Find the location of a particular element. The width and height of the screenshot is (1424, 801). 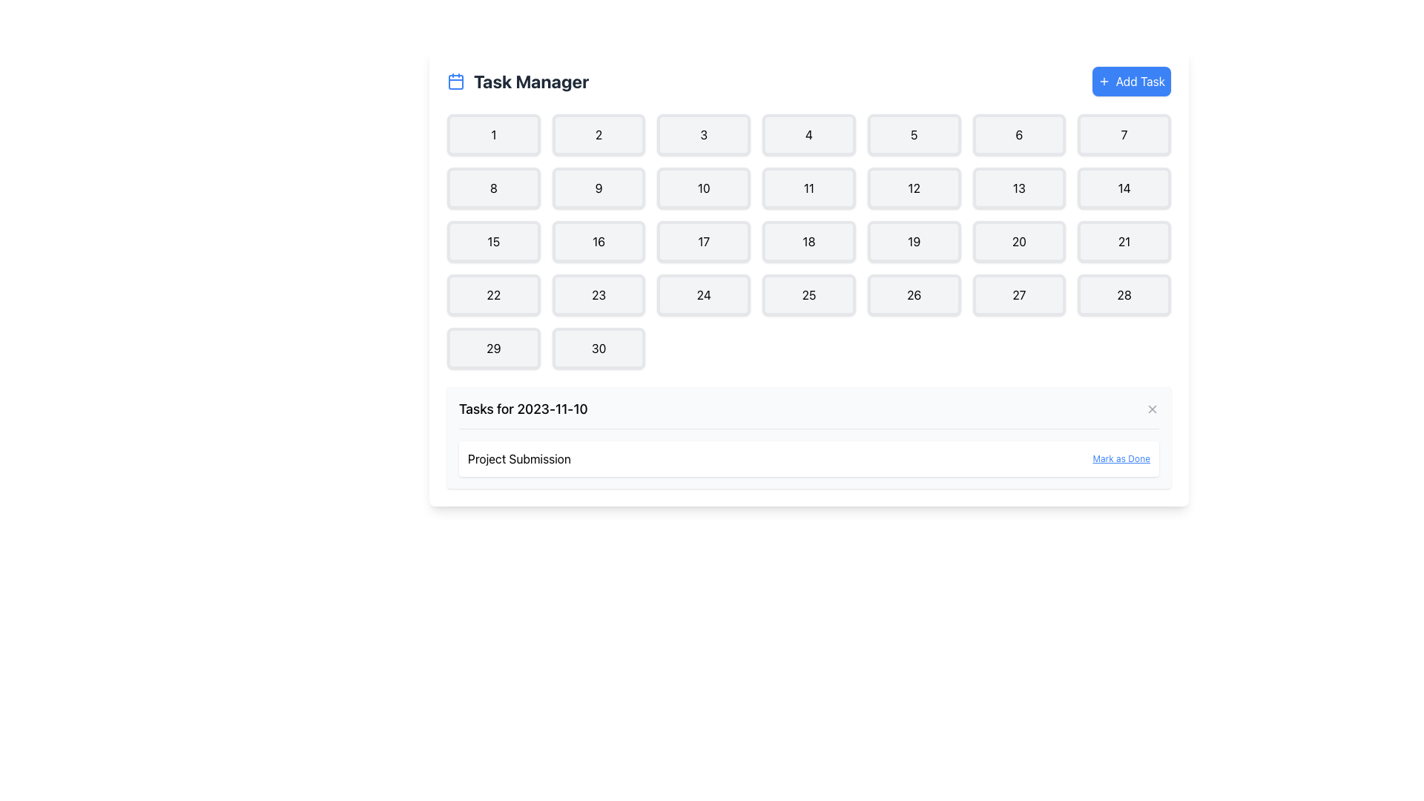

the button representing the selectable date in the calendar interface located in the first row, seventh column of the grid is located at coordinates (1124, 134).